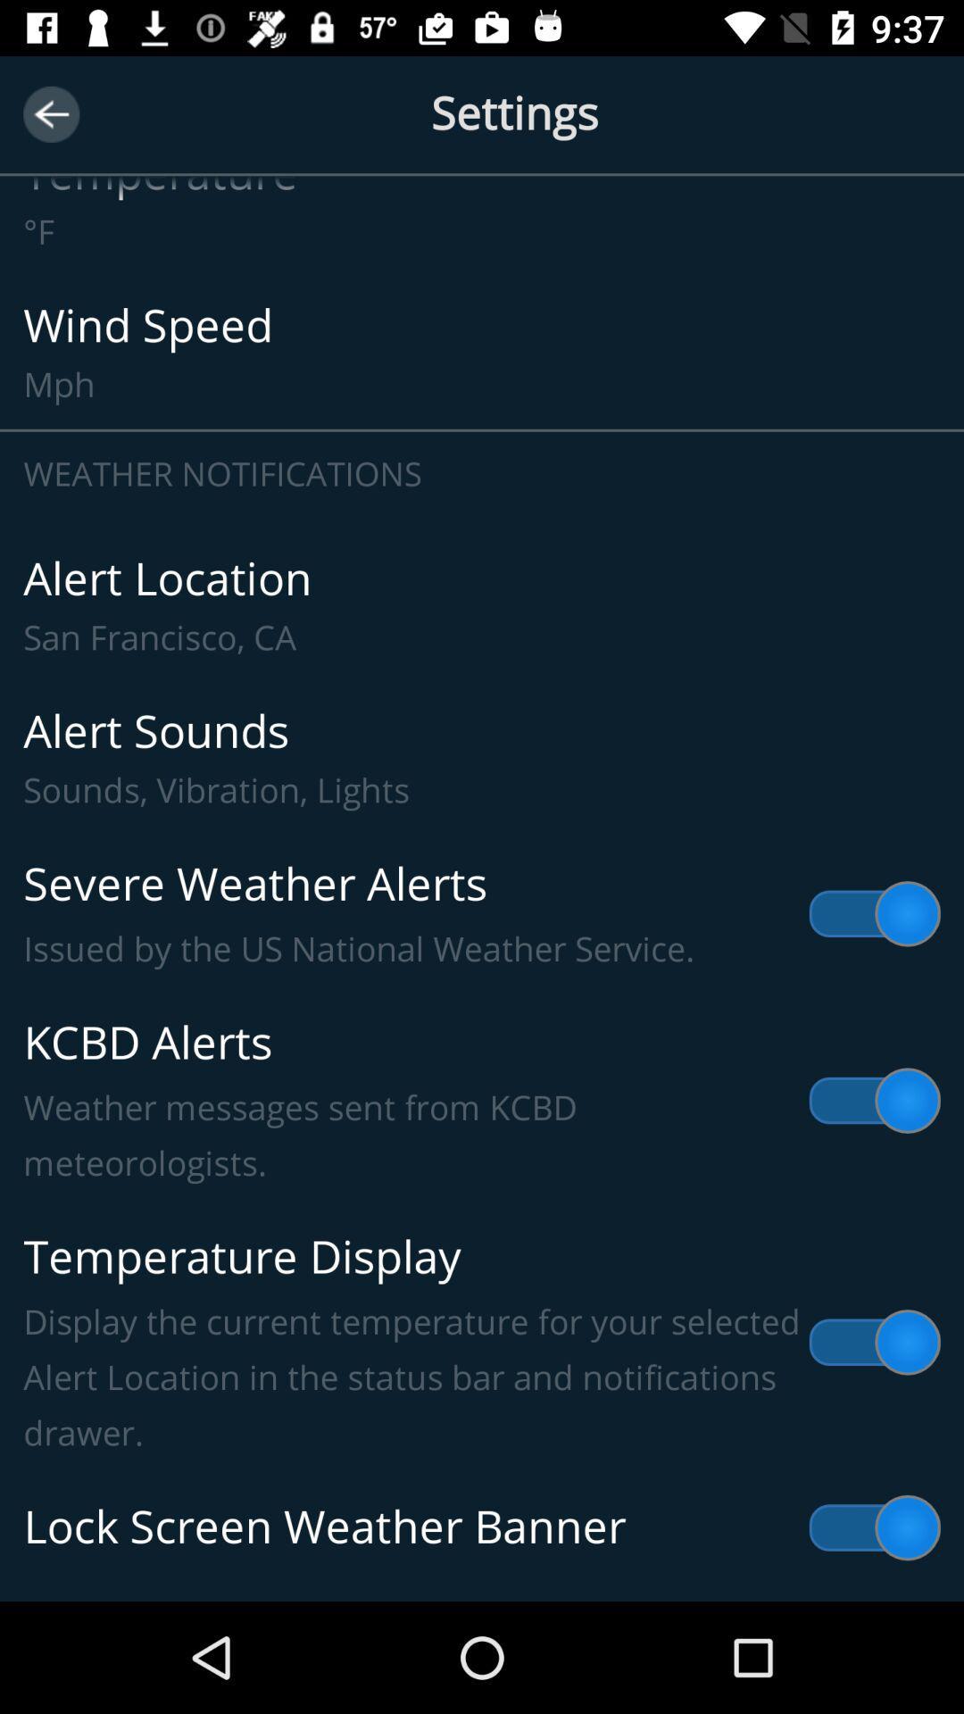 This screenshot has width=964, height=1714. What do you see at coordinates (50, 113) in the screenshot?
I see `the arrow_backward icon` at bounding box center [50, 113].